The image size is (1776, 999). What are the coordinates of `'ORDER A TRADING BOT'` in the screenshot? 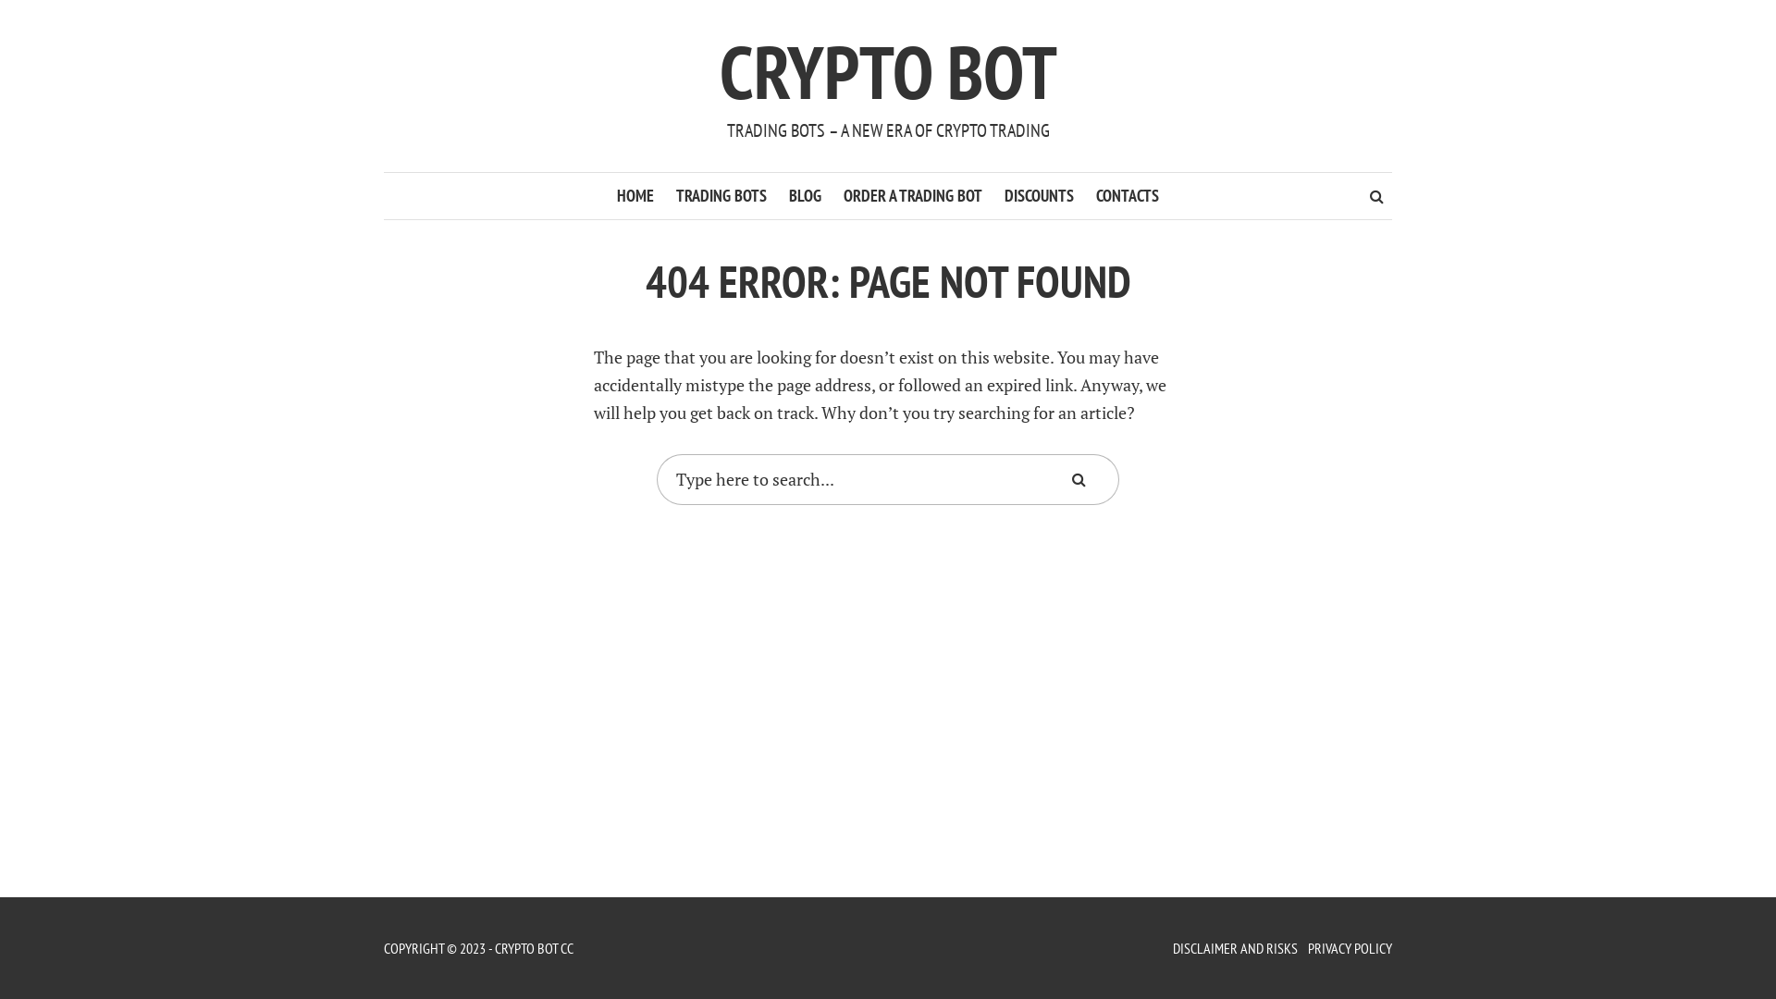 It's located at (913, 196).